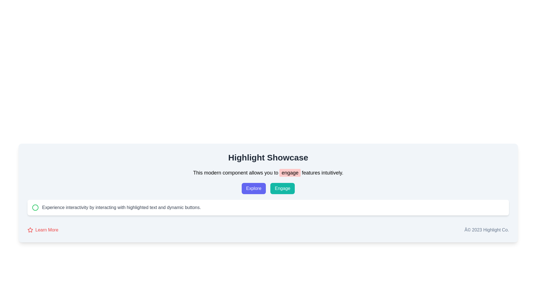 The image size is (539, 303). I want to click on the star icon outlined in red, which is the leftmost element in the group next to the 'Learn More' text, so click(30, 230).